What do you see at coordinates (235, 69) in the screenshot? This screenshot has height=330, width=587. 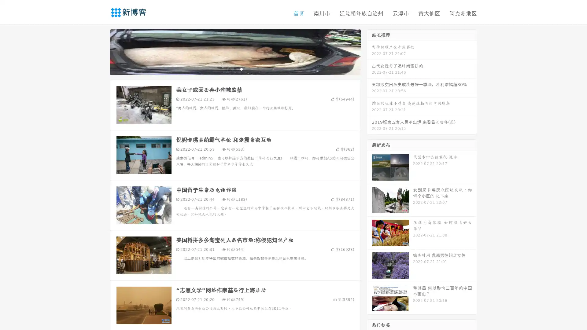 I see `Go to slide 2` at bounding box center [235, 69].